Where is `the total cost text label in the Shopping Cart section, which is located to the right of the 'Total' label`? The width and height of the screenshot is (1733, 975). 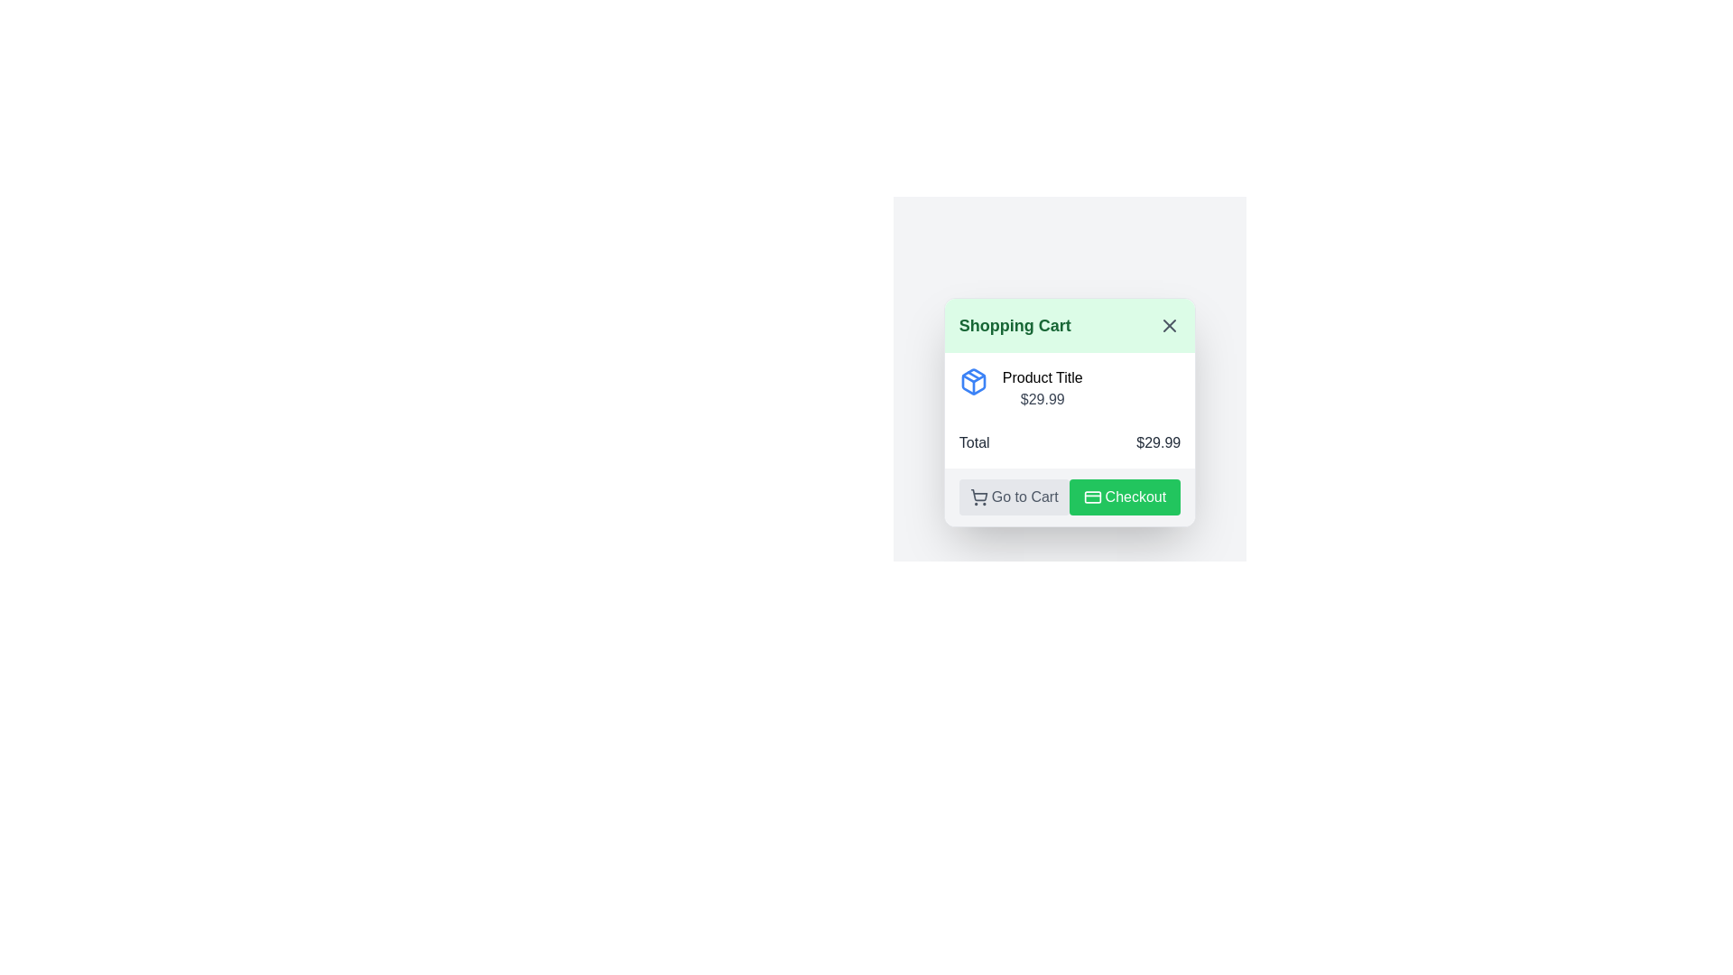
the total cost text label in the Shopping Cart section, which is located to the right of the 'Total' label is located at coordinates (1158, 442).